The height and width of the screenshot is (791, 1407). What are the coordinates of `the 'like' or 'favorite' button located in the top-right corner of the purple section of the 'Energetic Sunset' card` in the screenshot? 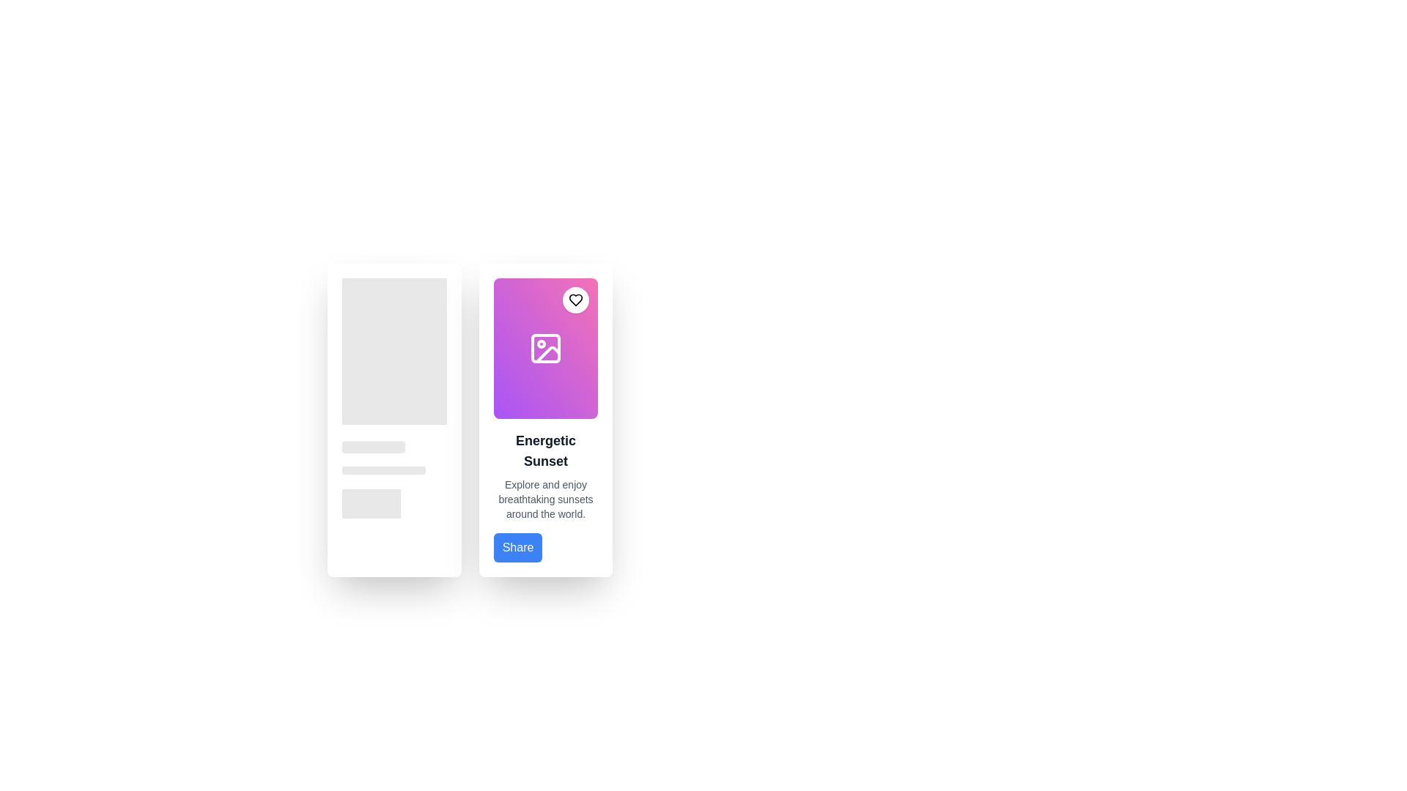 It's located at (575, 299).